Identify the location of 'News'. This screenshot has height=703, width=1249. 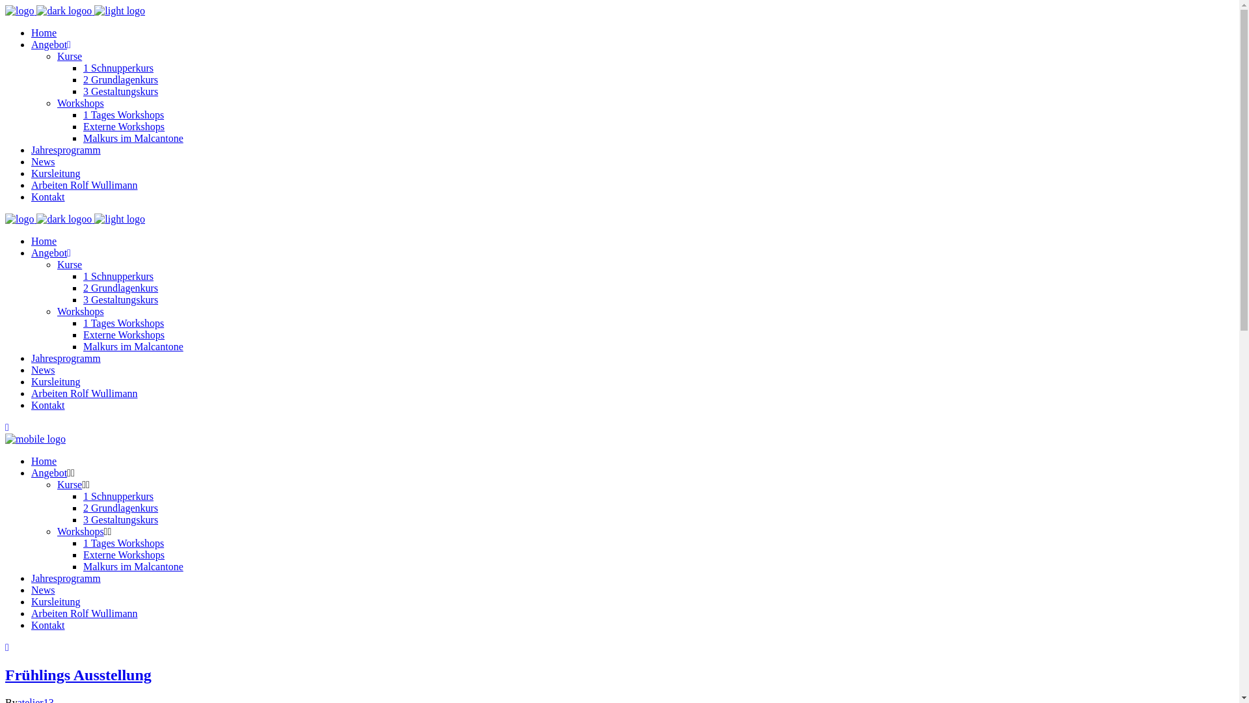
(43, 590).